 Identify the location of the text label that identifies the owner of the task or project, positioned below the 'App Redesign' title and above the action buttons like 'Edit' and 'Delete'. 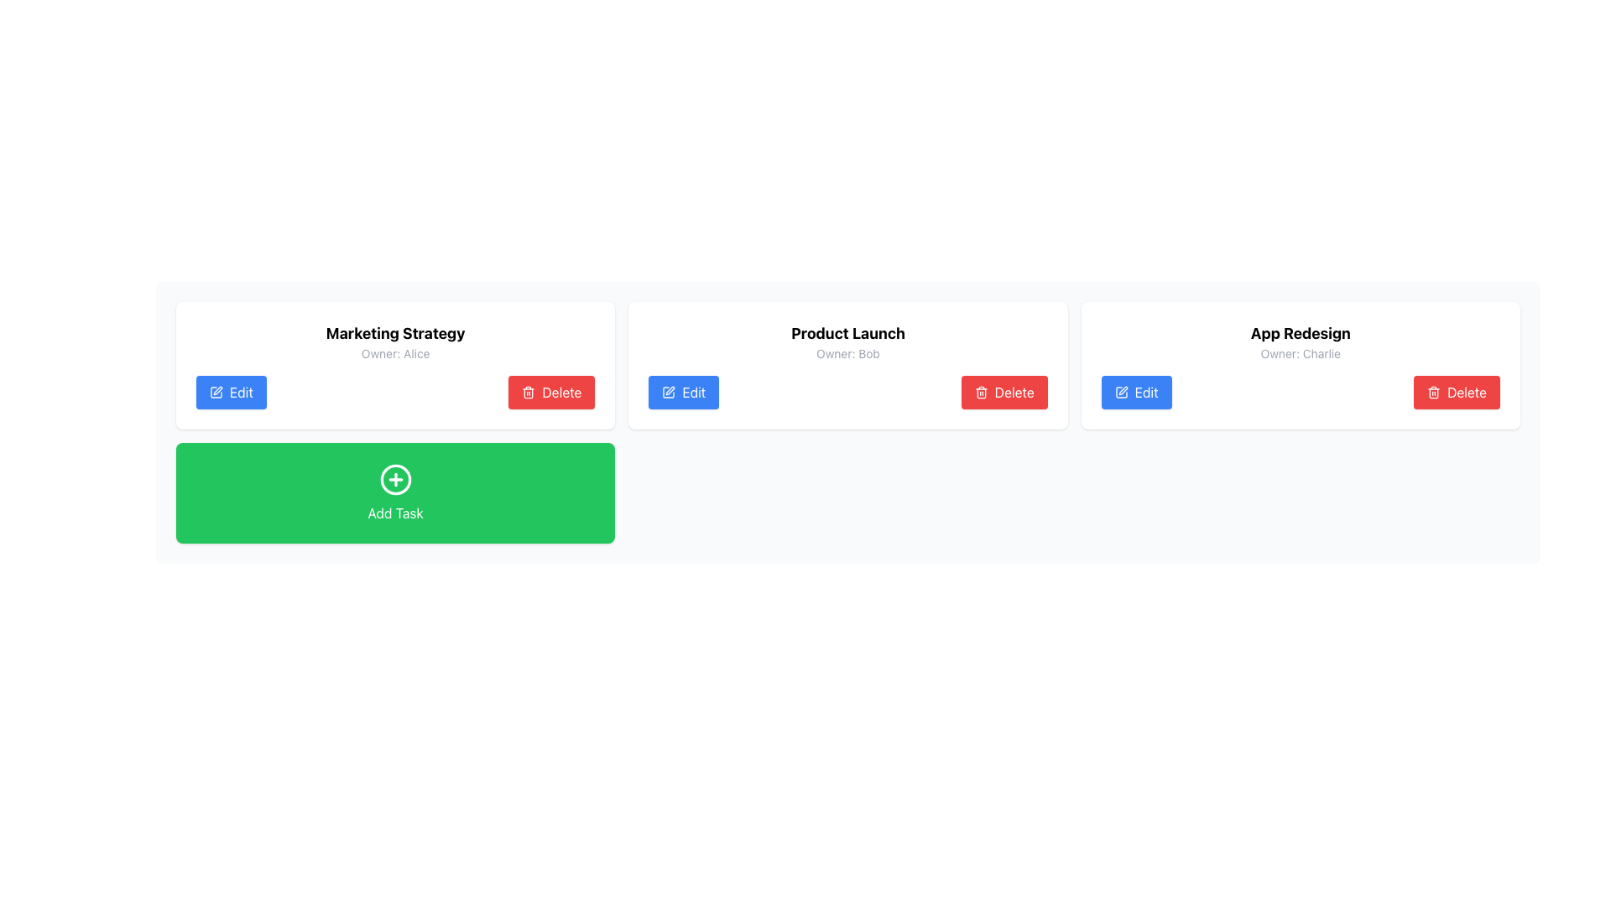
(1300, 352).